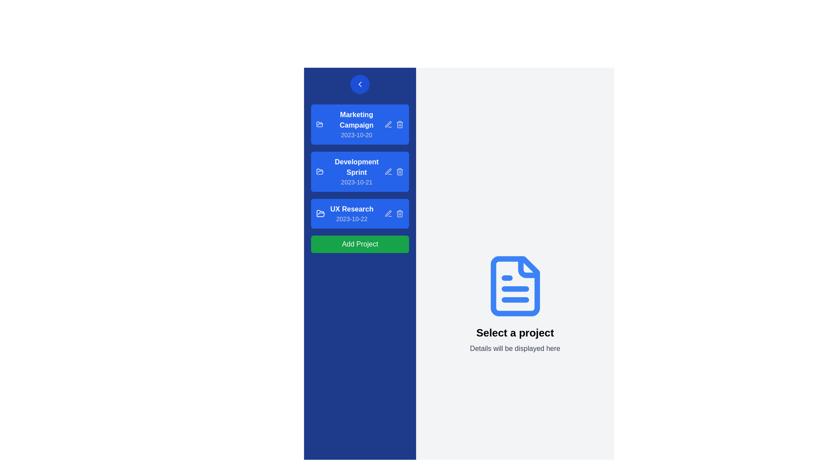  I want to click on the style of the icon that represents the 'Development Sprint' card located at the top-left corner of the 'Development Sprint 2023-10-21' card in the left sidebar, so click(319, 171).